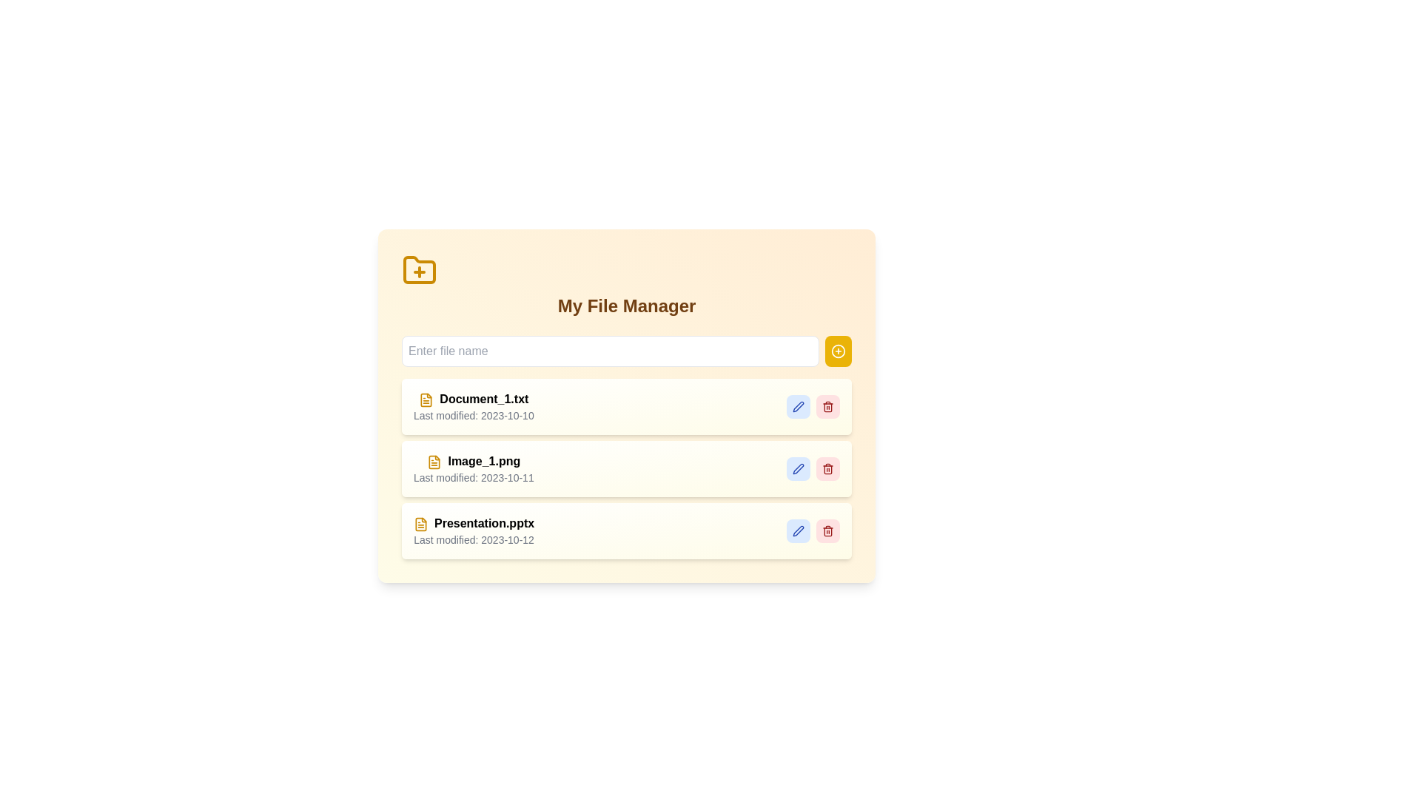 Image resolution: width=1421 pixels, height=799 pixels. What do you see at coordinates (474, 539) in the screenshot?
I see `the text label displaying the last modified date of the file 'Presentation.pptx', which is located directly below the file name in the file list` at bounding box center [474, 539].